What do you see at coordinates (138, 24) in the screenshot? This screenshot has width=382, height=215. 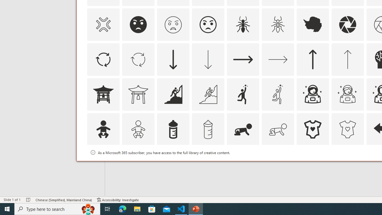 I see `'AutomationID: Icons_AngryFace'` at bounding box center [138, 24].